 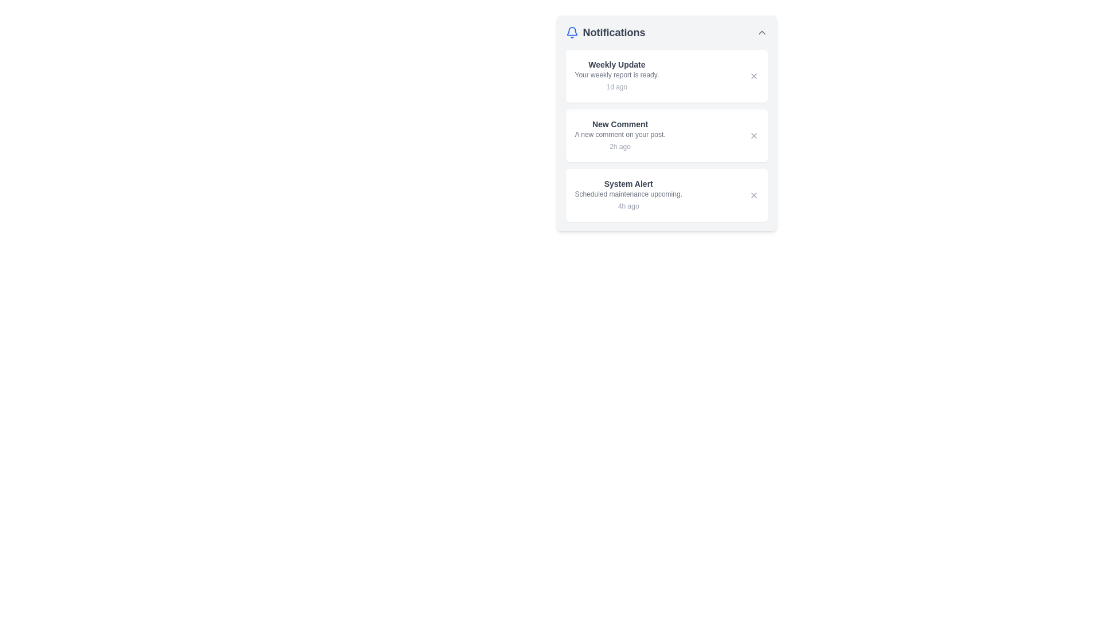 I want to click on the close icon button located at the top right corner of the 'Weekly Update' notification card to change its color, so click(x=753, y=76).